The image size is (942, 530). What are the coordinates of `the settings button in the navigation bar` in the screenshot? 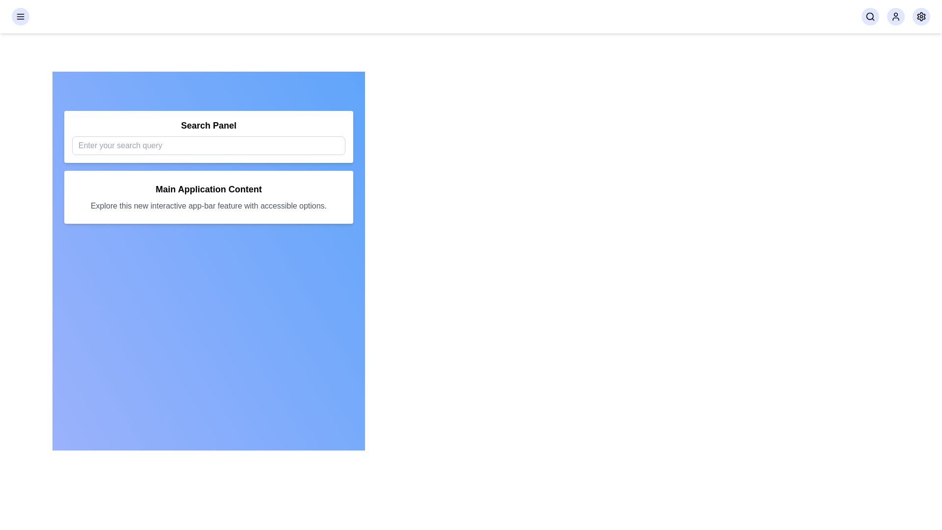 It's located at (920, 17).